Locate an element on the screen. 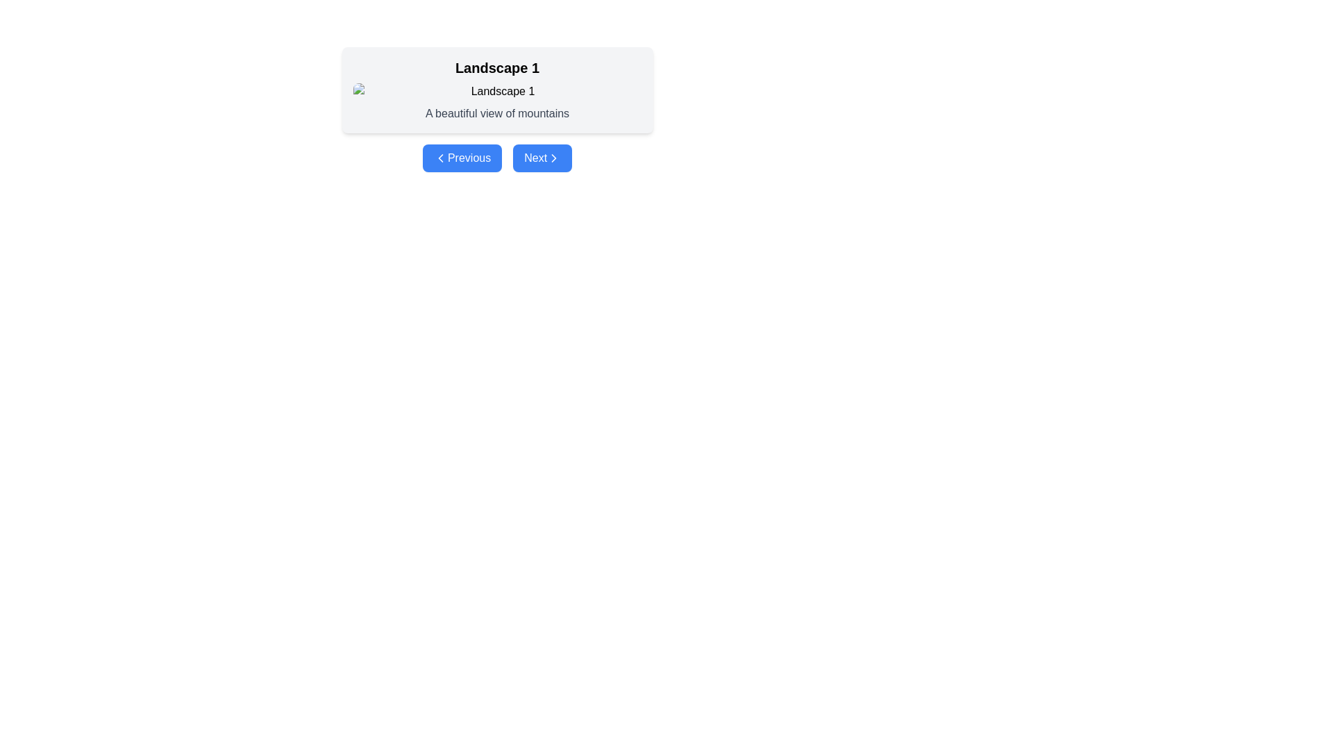 This screenshot has width=1333, height=750. the navigation button located at the bottom center of the interface, which is the second button in a row of two, to proceed to the next page is located at coordinates (542, 157).